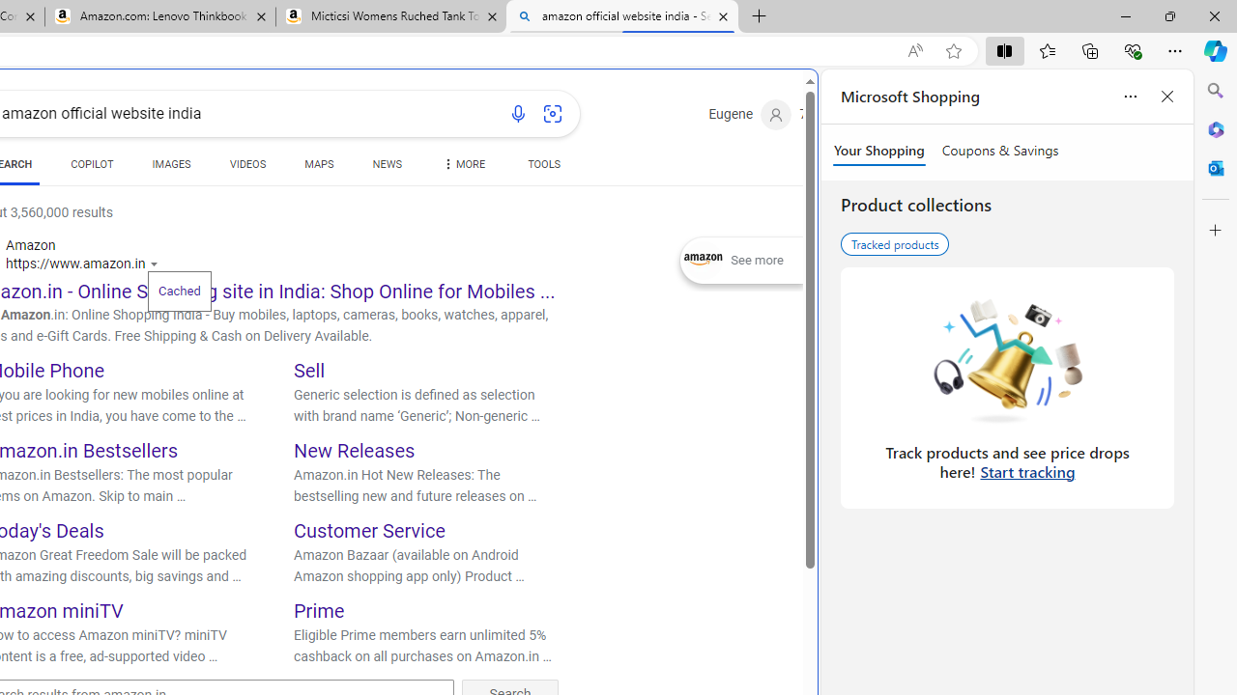  I want to click on 'Search using an image', so click(552, 114).